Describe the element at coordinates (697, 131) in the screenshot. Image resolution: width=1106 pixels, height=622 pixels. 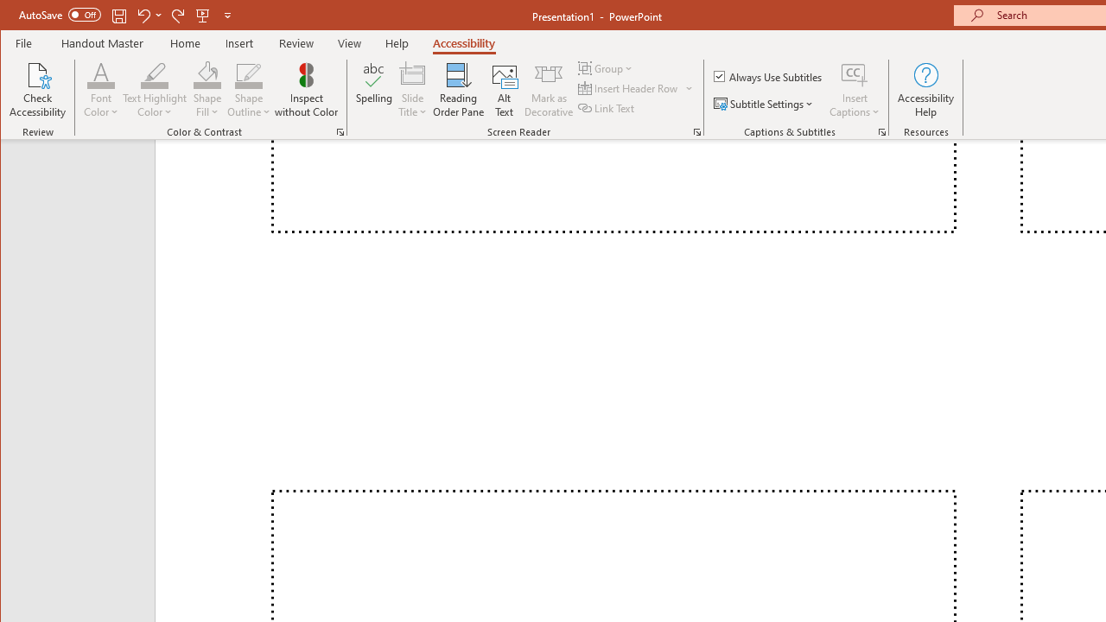
I see `'Screen Reader'` at that location.